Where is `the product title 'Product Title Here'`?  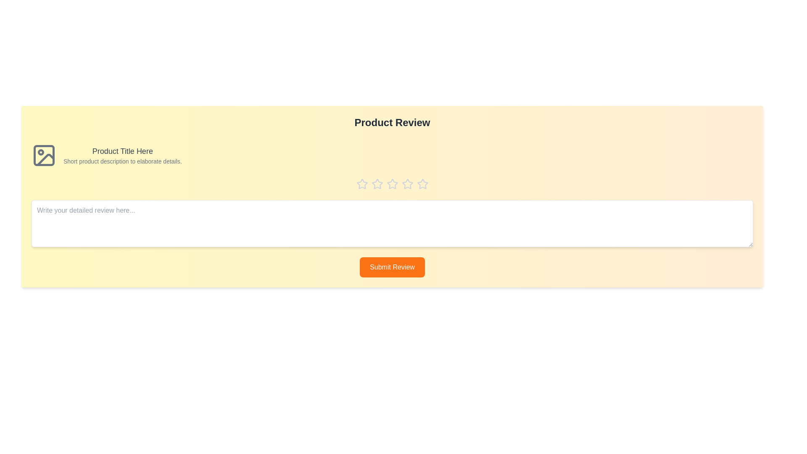 the product title 'Product Title Here' is located at coordinates (122, 150).